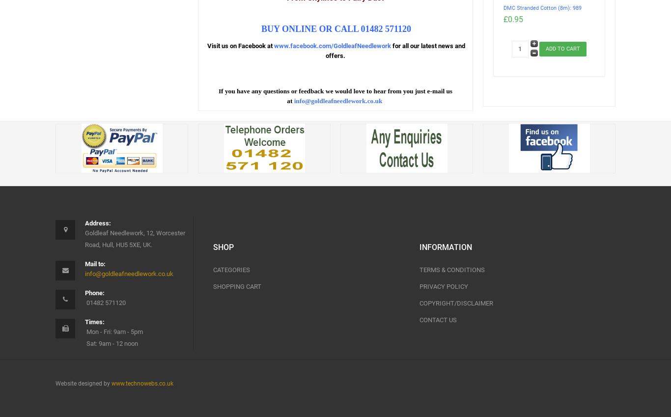 Image resolution: width=671 pixels, height=417 pixels. I want to click on 'Shop', so click(212, 247).